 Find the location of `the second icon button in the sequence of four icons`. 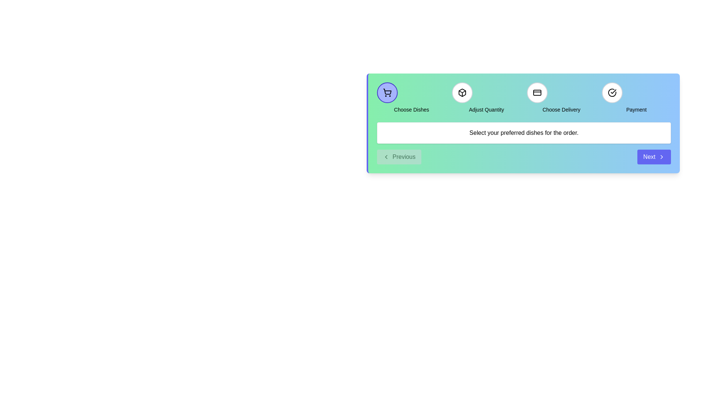

the second icon button in the sequence of four icons is located at coordinates (462, 92).